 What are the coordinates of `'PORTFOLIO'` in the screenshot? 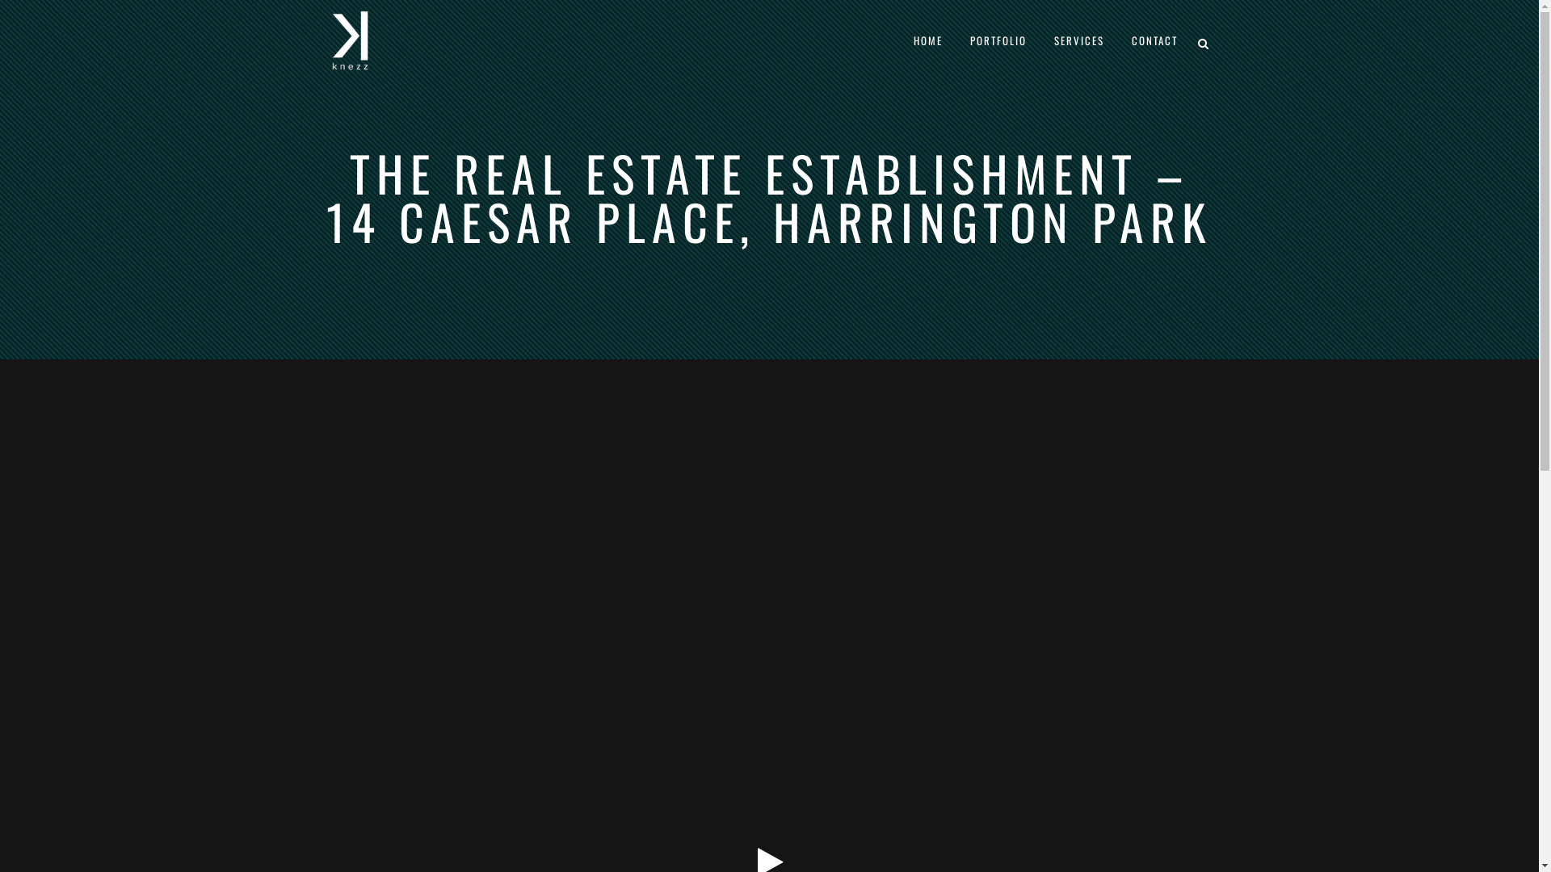 It's located at (956, 40).